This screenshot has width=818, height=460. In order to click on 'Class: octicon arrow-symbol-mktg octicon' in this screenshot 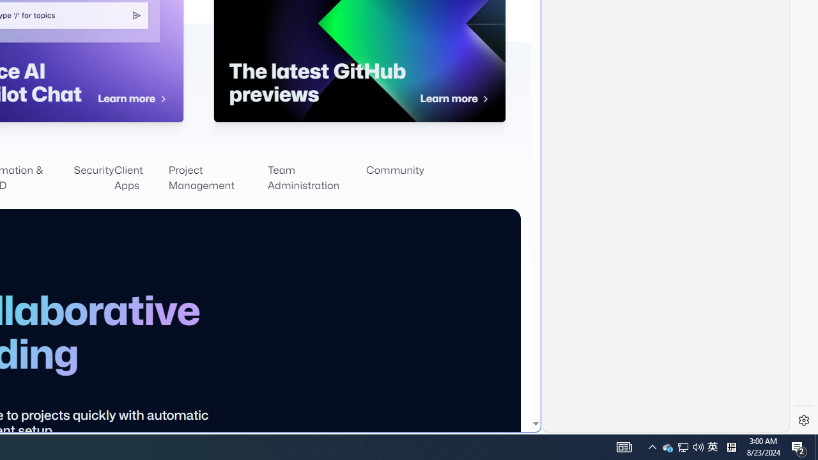, I will do `click(484, 98)`.